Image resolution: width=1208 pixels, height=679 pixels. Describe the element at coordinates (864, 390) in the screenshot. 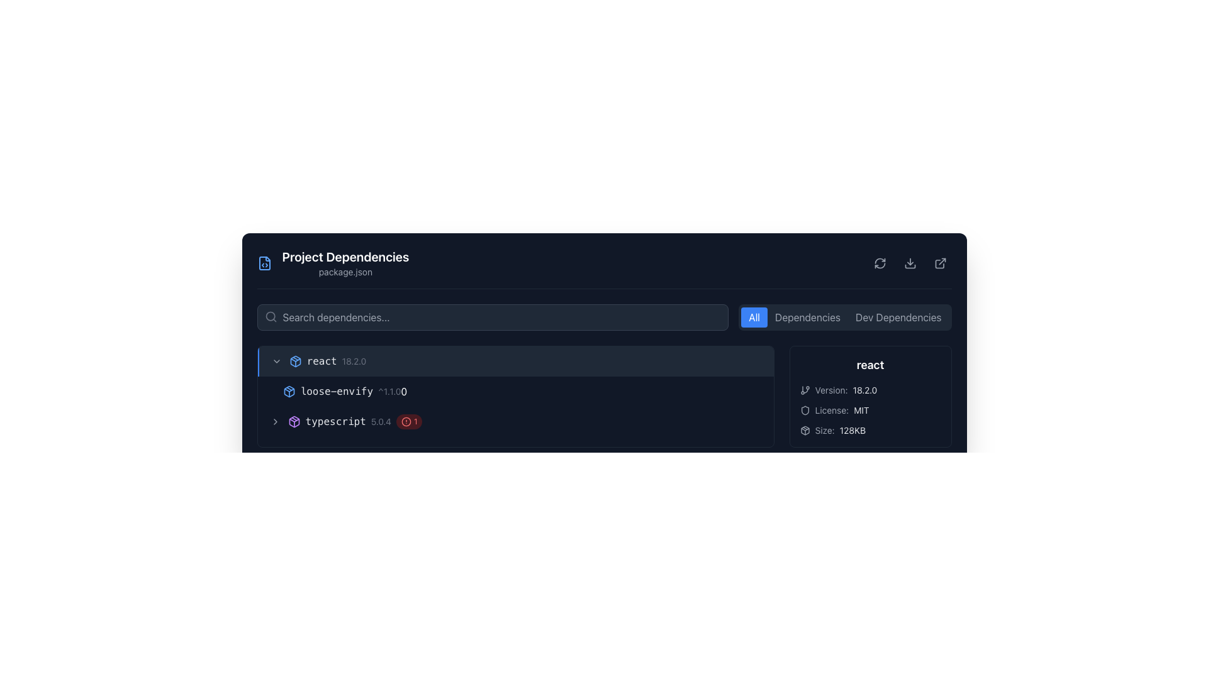

I see `text displaying the version number '18.2.0', which is styled in light gray color with a sans-serif font and positioned to the right of the label 'Version:' in a panel about dependencies` at that location.